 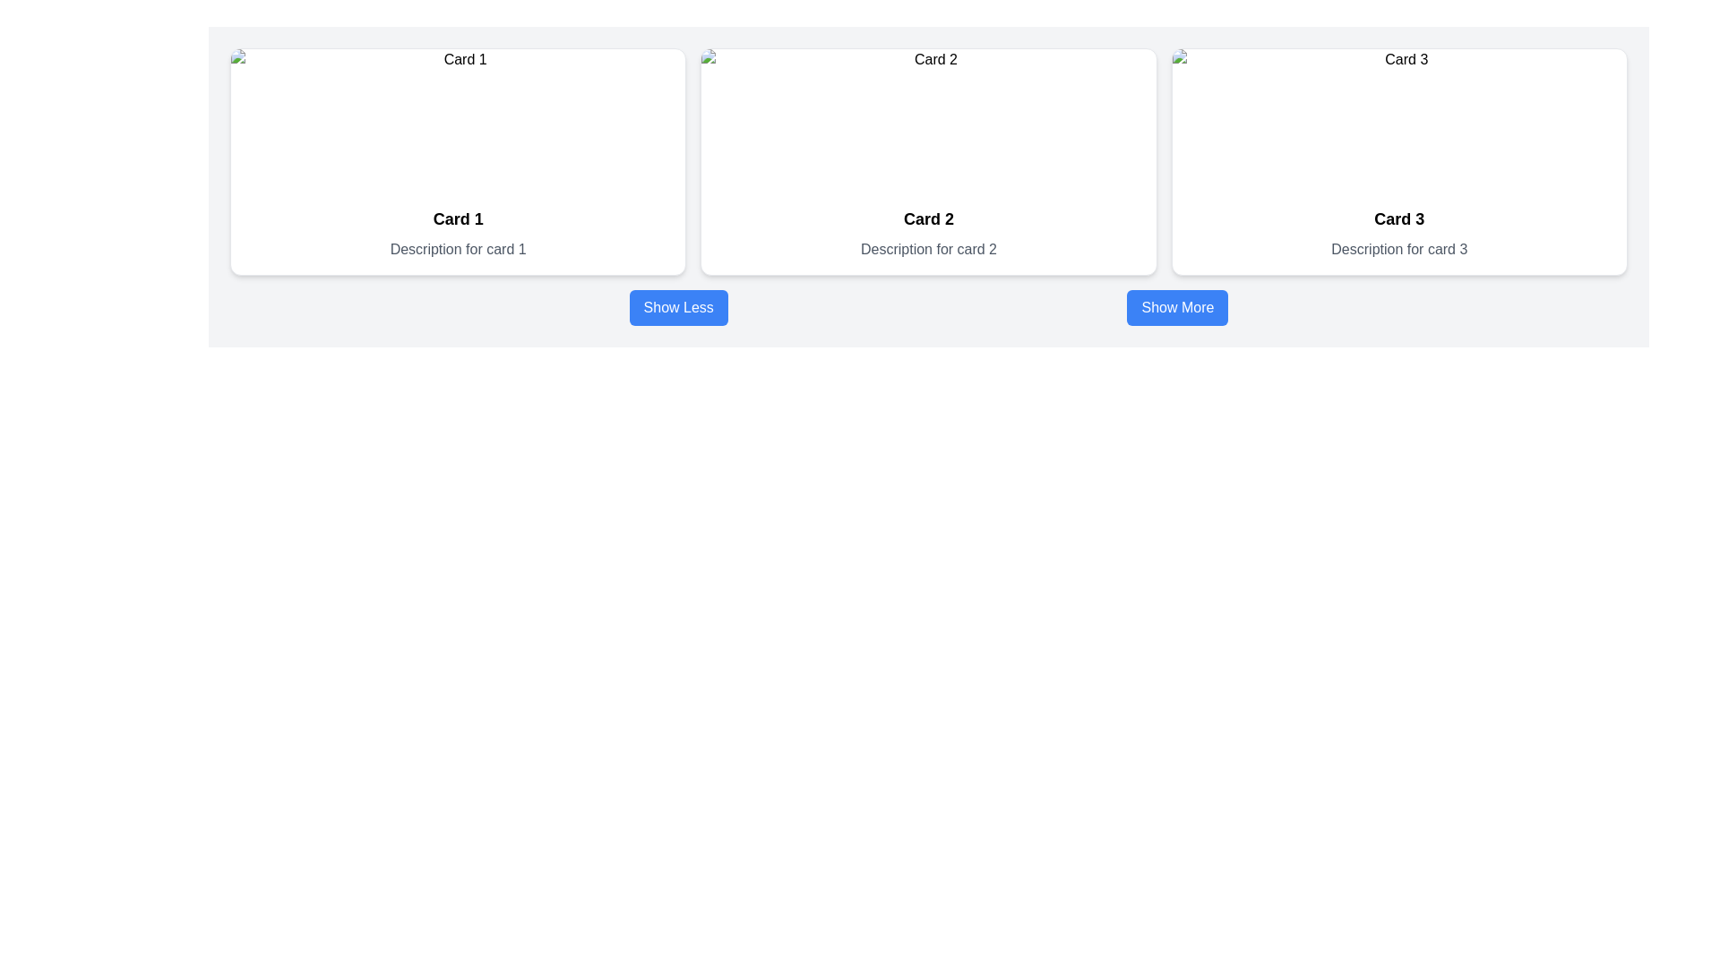 What do you see at coordinates (928, 233) in the screenshot?
I see `the text display element titled 'Card 2' which contains the subtitle 'Description for card 2' and is positioned beneath an image in the center card of a series of three horizontally aligned cards` at bounding box center [928, 233].